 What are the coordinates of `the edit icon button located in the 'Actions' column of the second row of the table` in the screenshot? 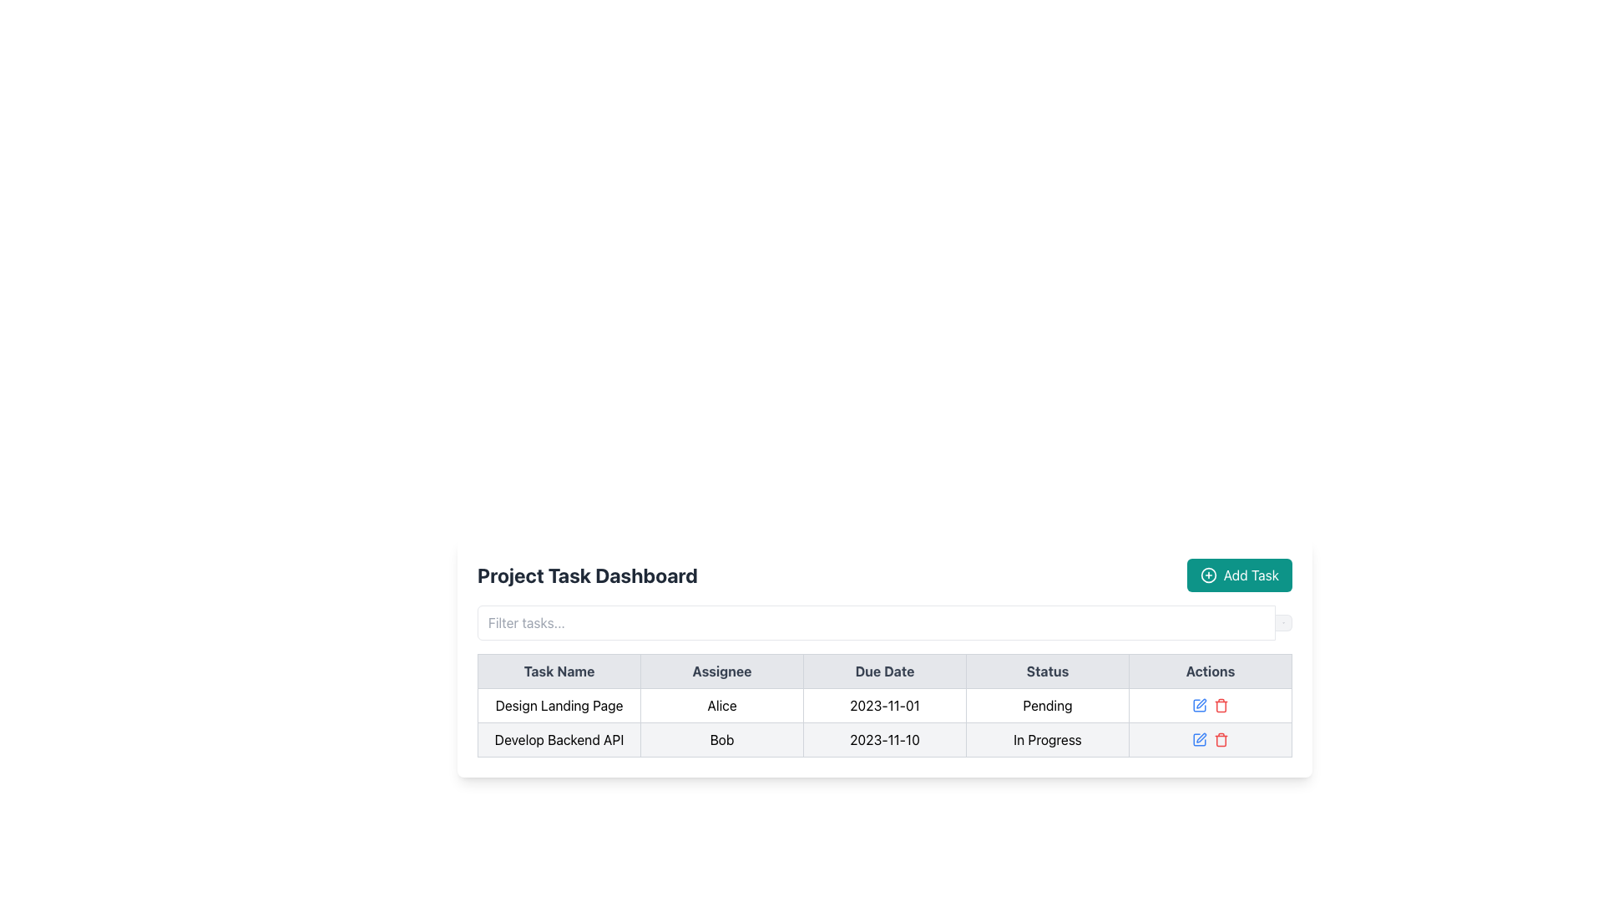 It's located at (1198, 705).